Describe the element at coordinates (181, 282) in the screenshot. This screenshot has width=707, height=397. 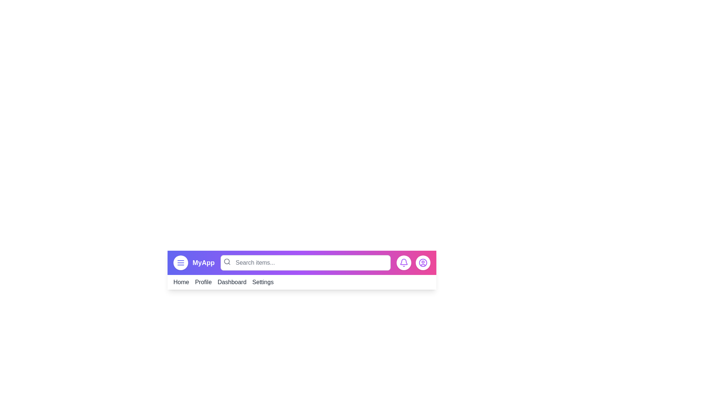
I see `the navigation menu item Home` at that location.